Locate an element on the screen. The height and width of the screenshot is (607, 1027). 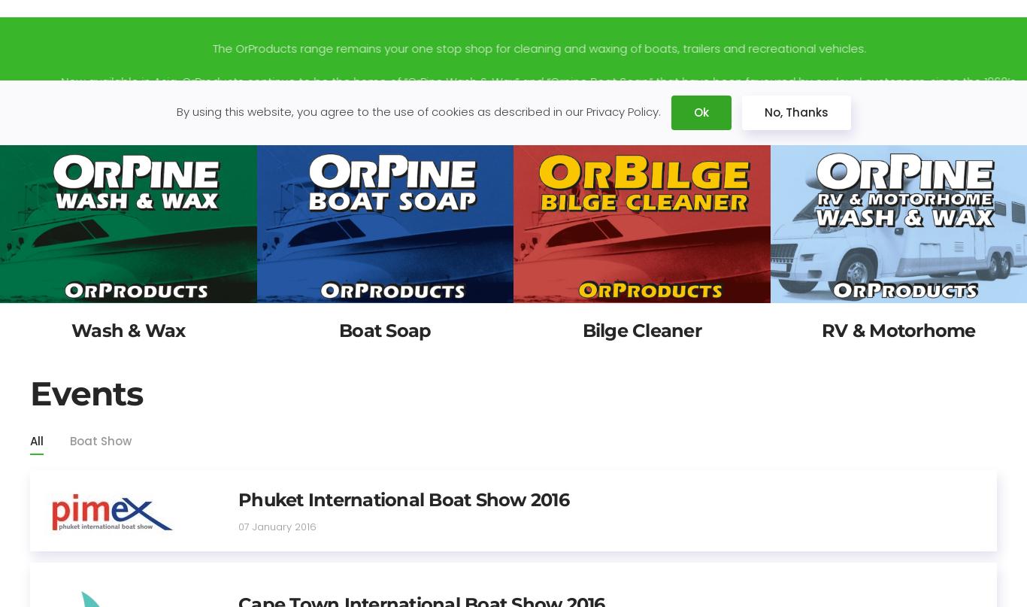
'Bilge Cleaner' is located at coordinates (641, 329).